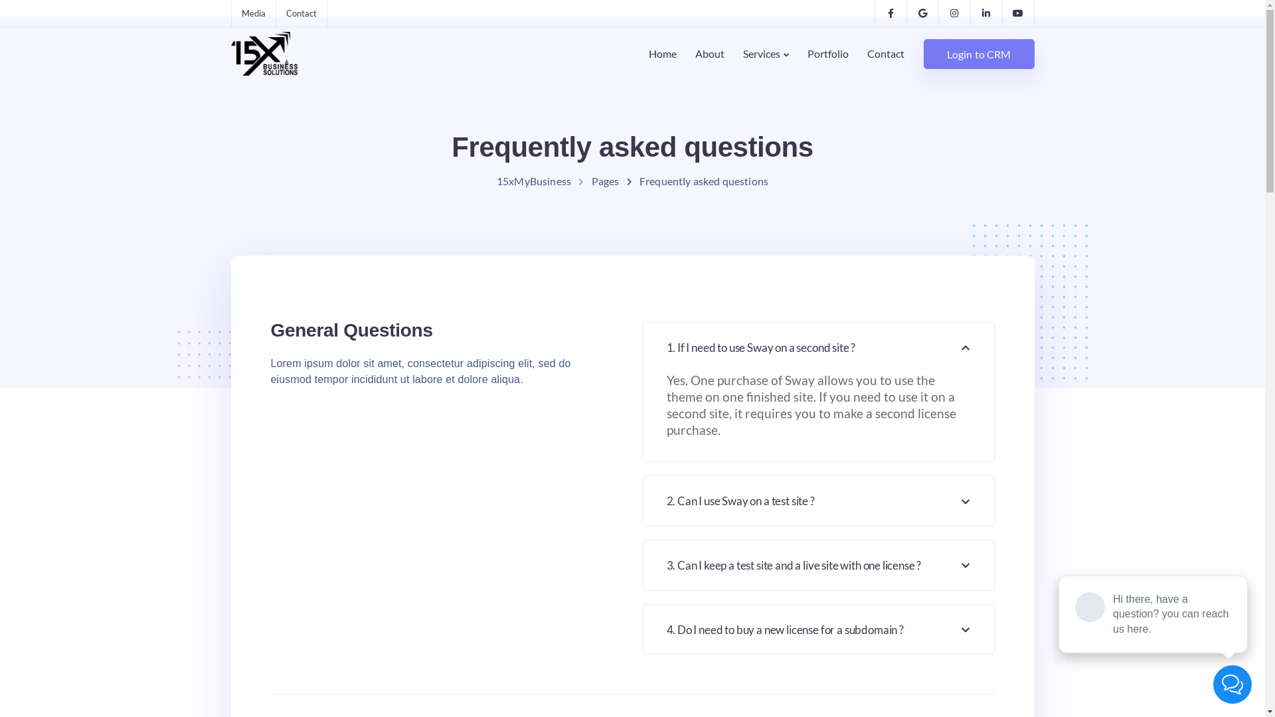  What do you see at coordinates (582, 522) in the screenshot?
I see `'Portfolio'` at bounding box center [582, 522].